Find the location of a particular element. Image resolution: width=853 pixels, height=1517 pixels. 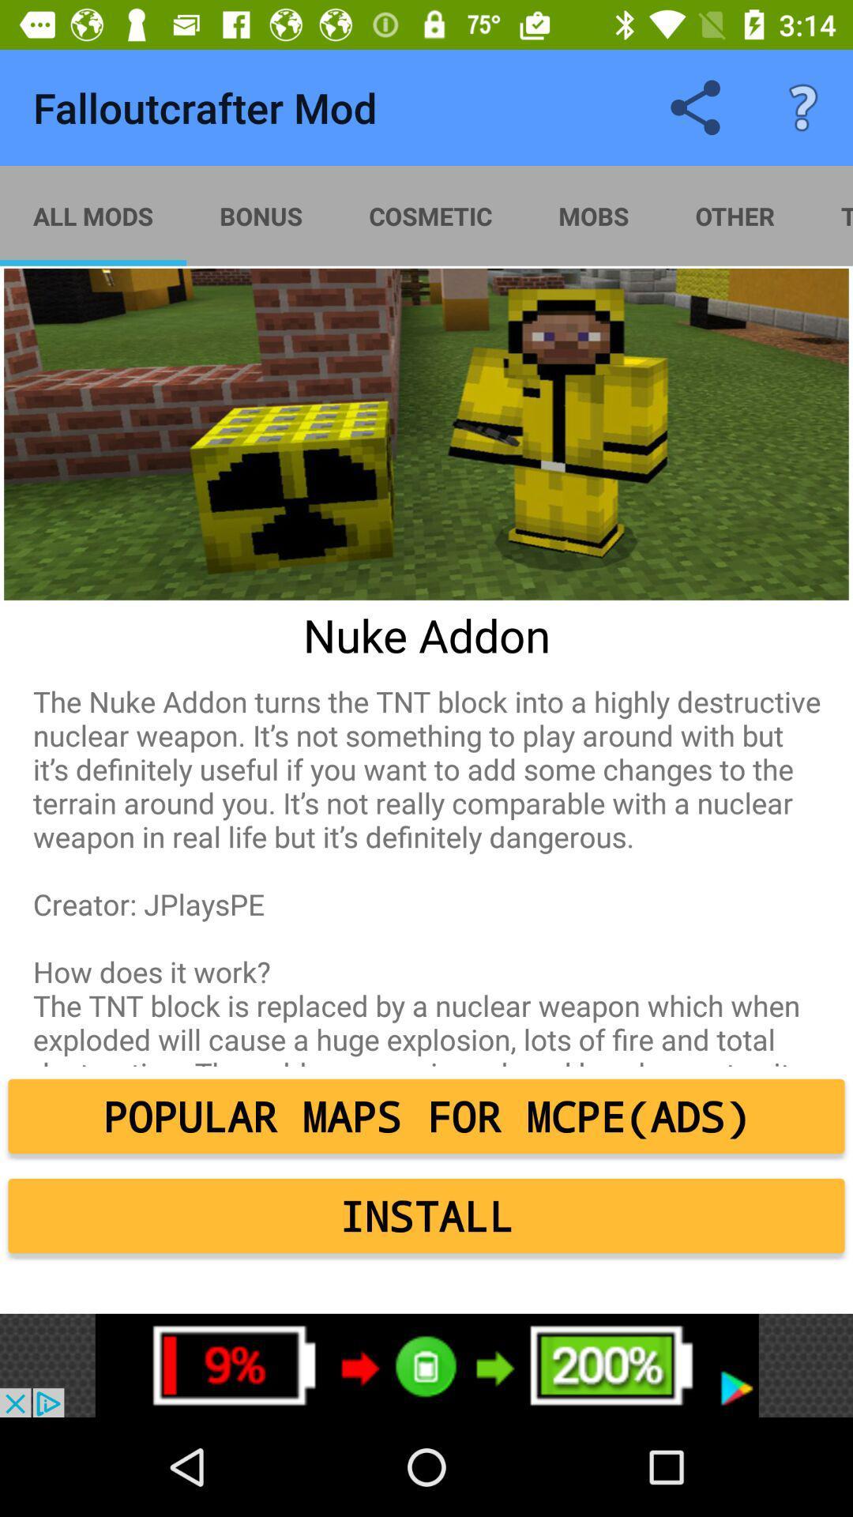

games is located at coordinates (426, 1365).